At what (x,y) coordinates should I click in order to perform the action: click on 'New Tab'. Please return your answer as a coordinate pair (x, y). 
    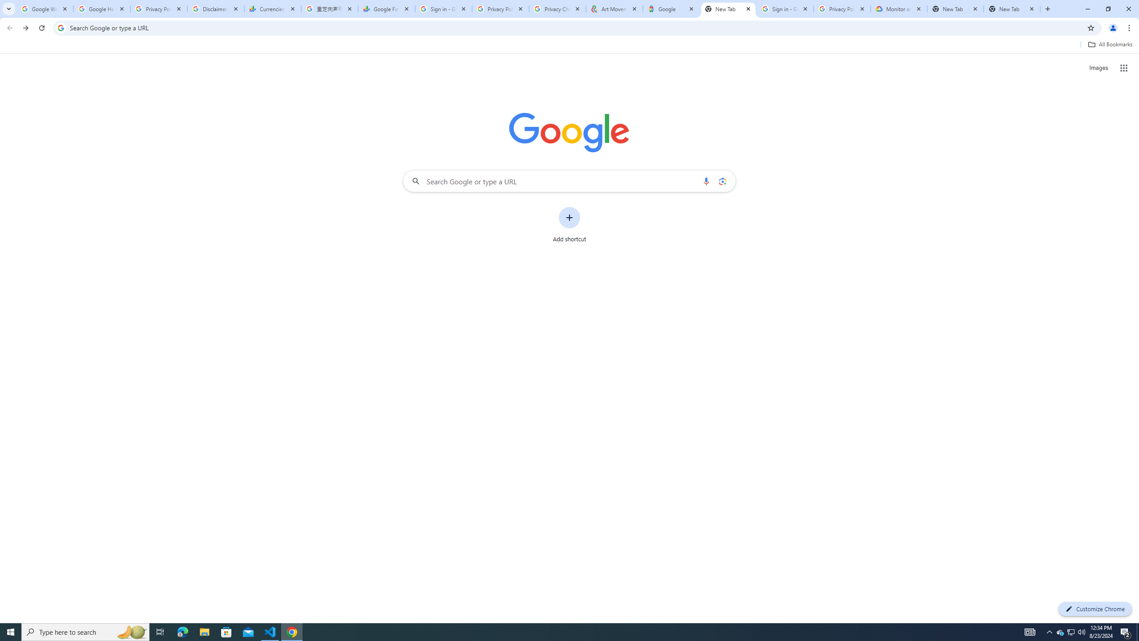
    Looking at the image, I should click on (1046, 8).